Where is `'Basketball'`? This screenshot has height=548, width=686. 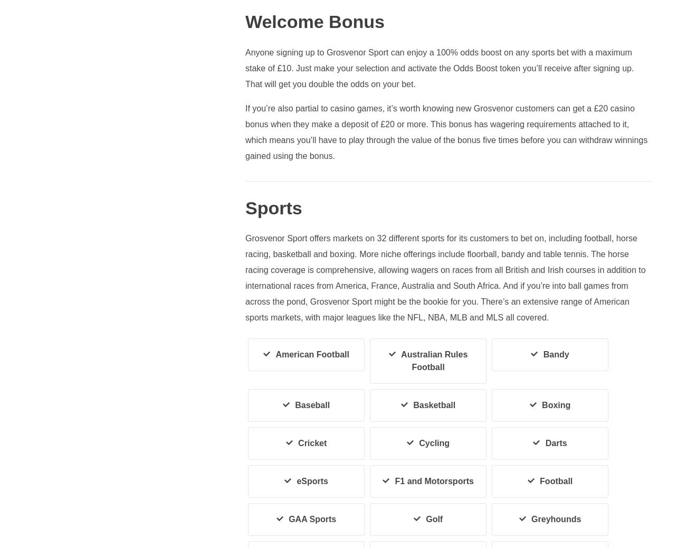
'Basketball' is located at coordinates (434, 404).